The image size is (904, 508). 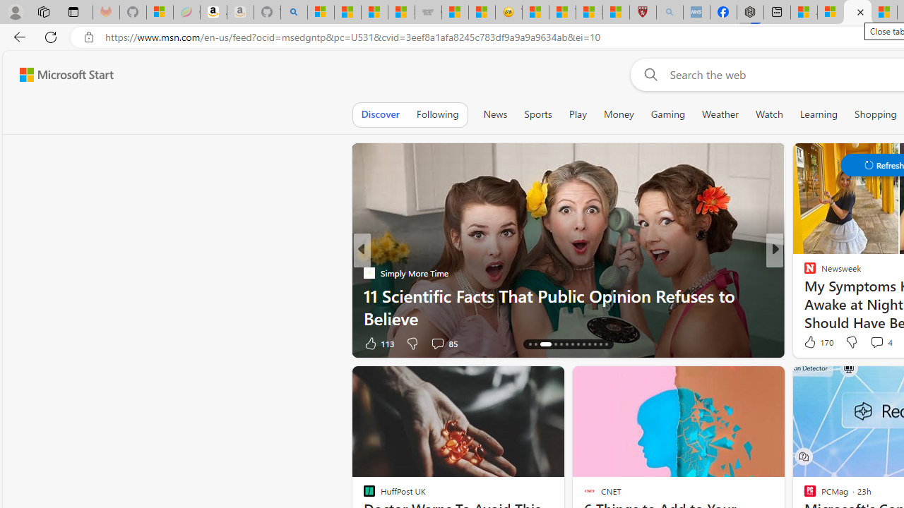 What do you see at coordinates (814, 343) in the screenshot?
I see `'636 Like'` at bounding box center [814, 343].